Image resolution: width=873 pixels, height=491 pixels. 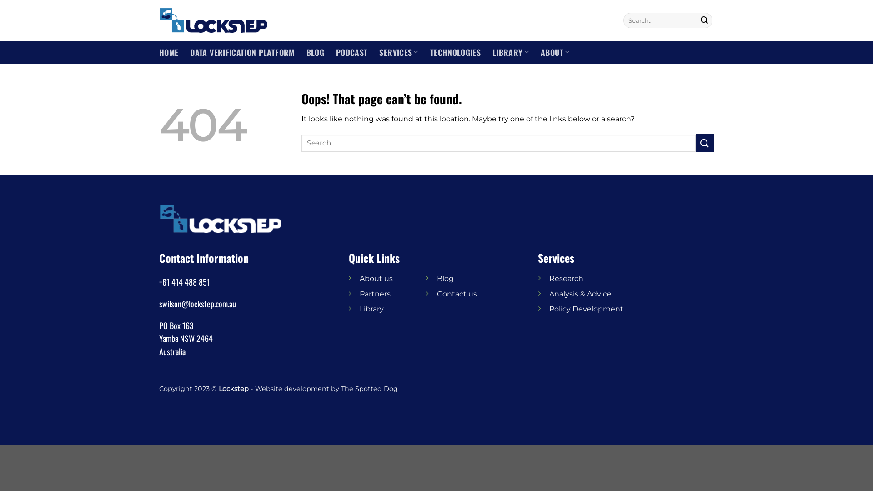 I want to click on 'TECHNOLOGIES', so click(x=455, y=52).